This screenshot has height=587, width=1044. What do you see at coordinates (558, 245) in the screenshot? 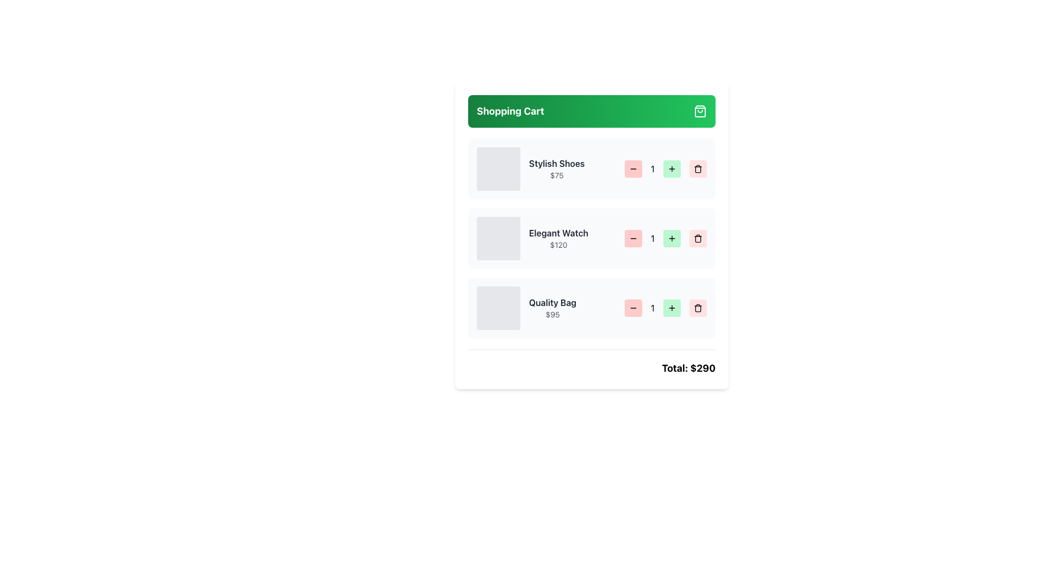
I see `the Text Label displaying the price of the product 'Elegant Watch', which is located in the shopping cart item list` at bounding box center [558, 245].